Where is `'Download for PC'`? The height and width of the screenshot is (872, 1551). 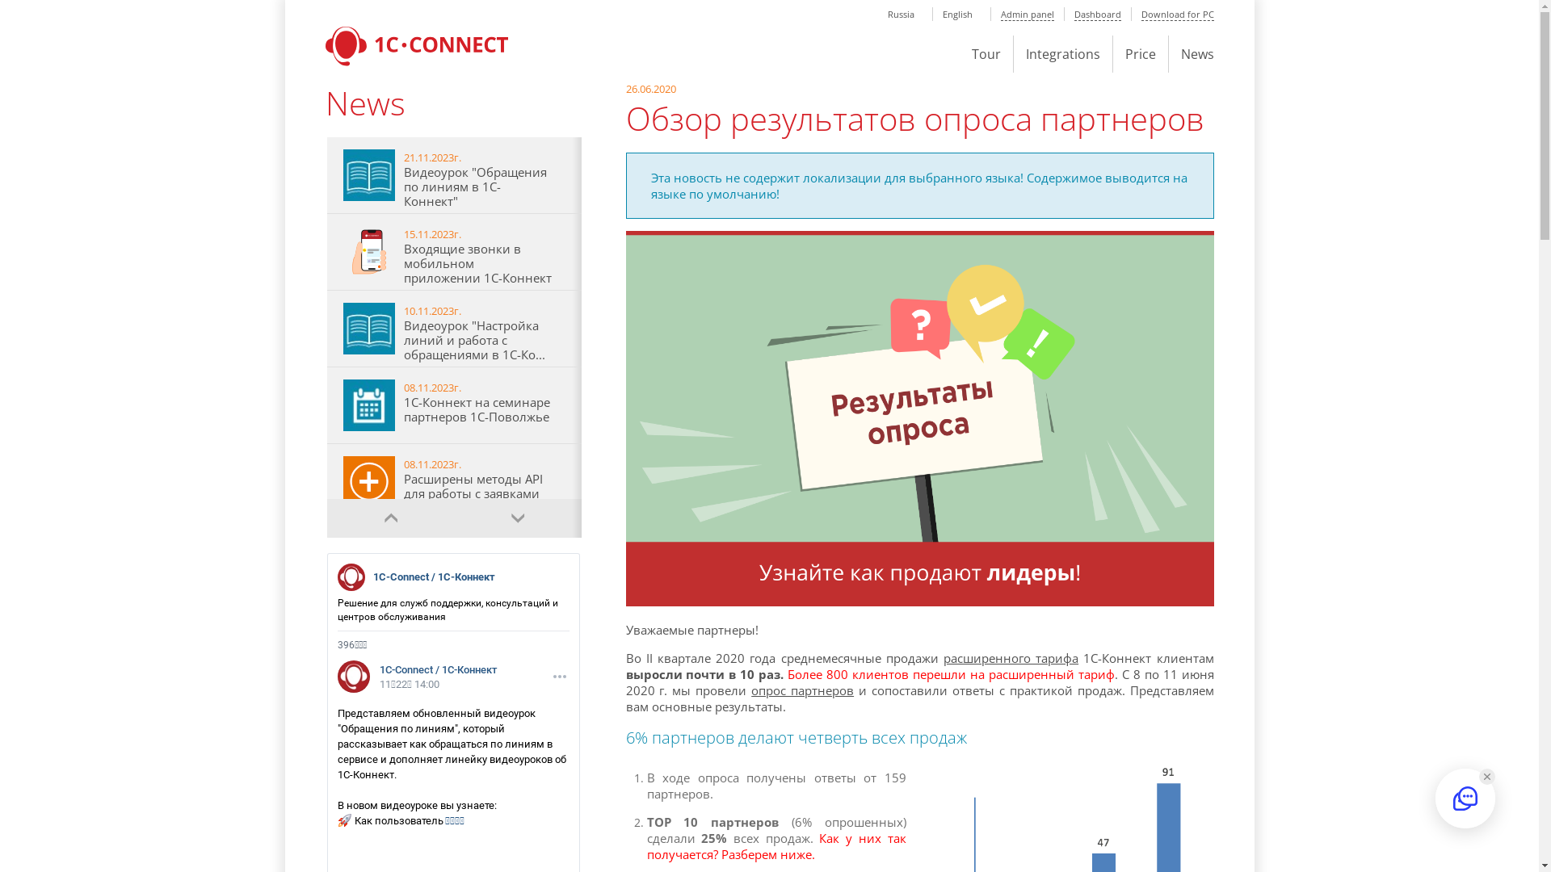 'Download for PC' is located at coordinates (1177, 15).